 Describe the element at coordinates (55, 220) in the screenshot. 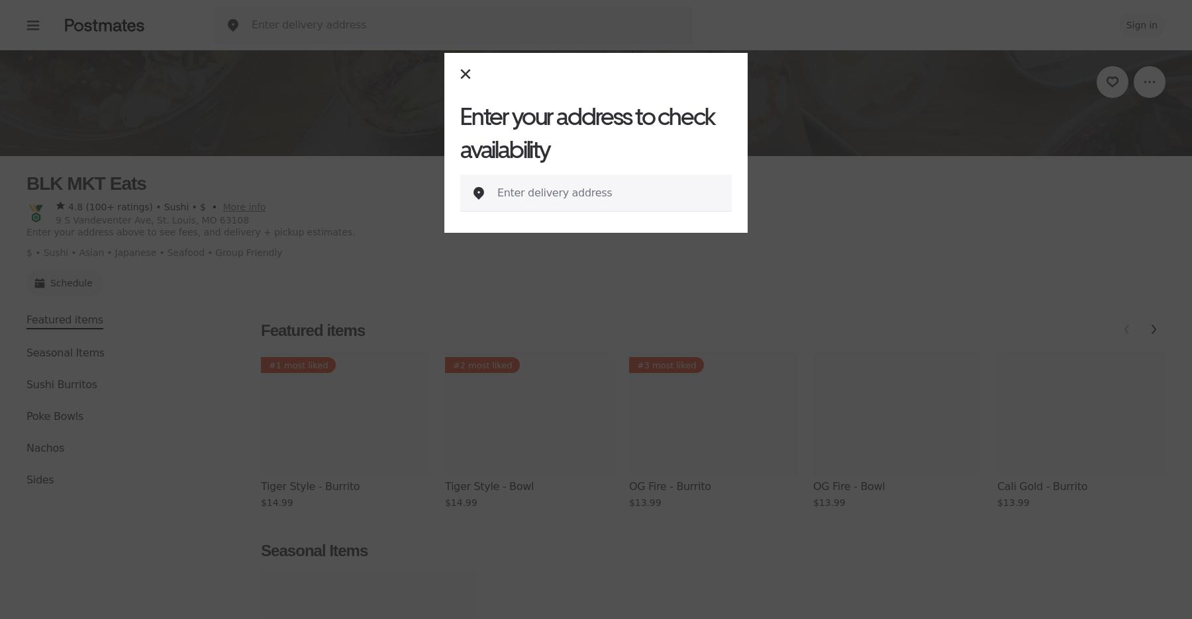

I see `'9 S Vandeventer Ave, St. Louis, MO 63108'` at that location.